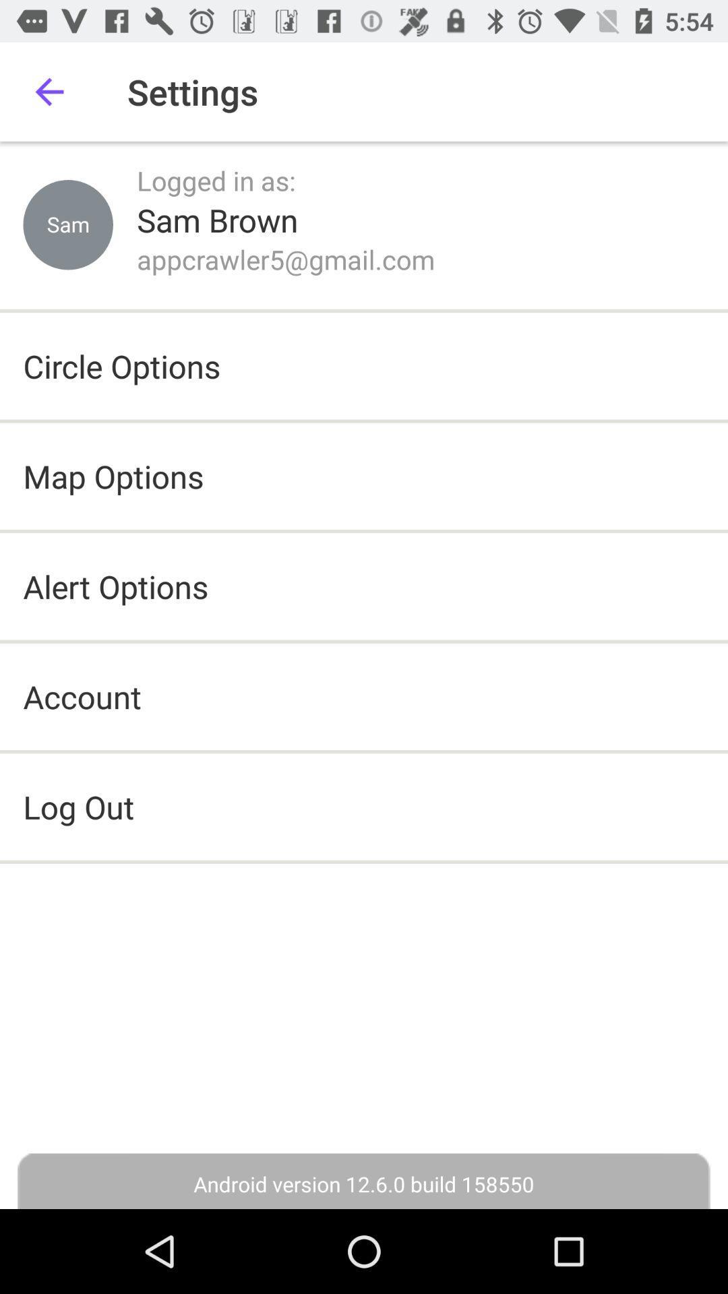 The height and width of the screenshot is (1294, 728). What do you see at coordinates (49, 91) in the screenshot?
I see `item next to settings item` at bounding box center [49, 91].